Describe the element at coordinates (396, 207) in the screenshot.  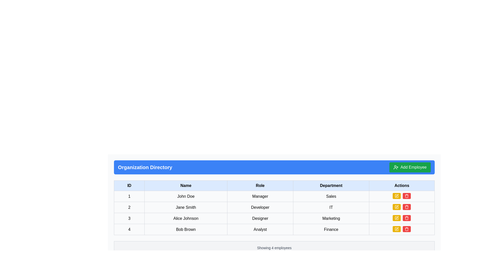
I see `the edit icon represented by a pencil or pen in the action column of the fourth row for the employee 'Bob Brown'` at that location.